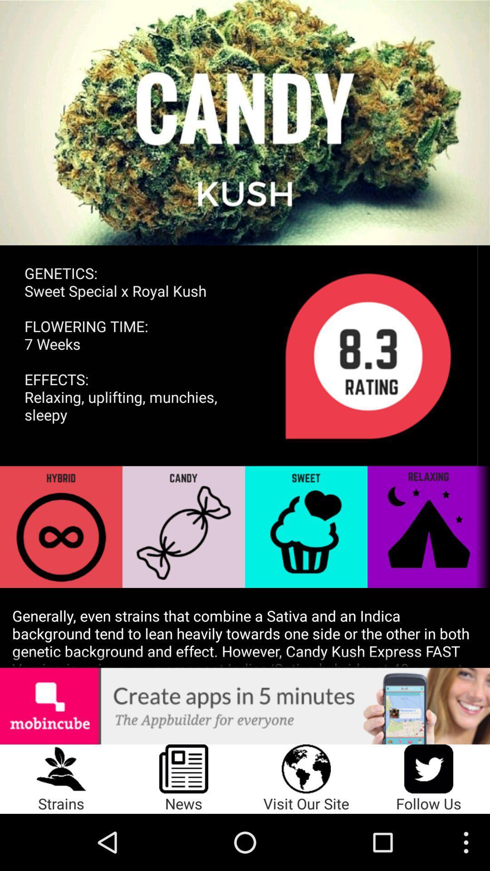  I want to click on takes you to mobincube app building, so click(245, 705).